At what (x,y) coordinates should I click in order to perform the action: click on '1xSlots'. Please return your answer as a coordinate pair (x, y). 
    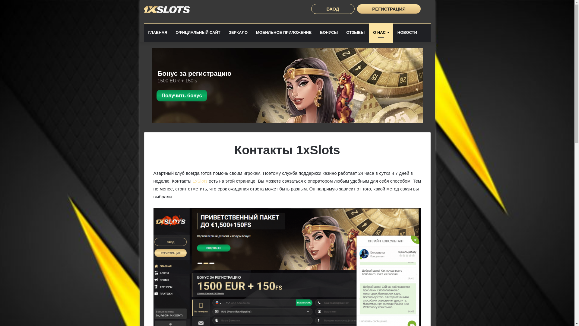
    Looking at the image, I should click on (200, 181).